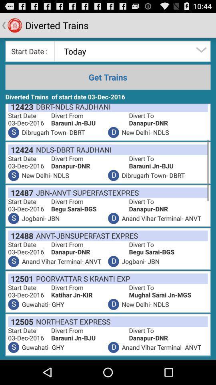  What do you see at coordinates (20, 149) in the screenshot?
I see `the 12424 item` at bounding box center [20, 149].